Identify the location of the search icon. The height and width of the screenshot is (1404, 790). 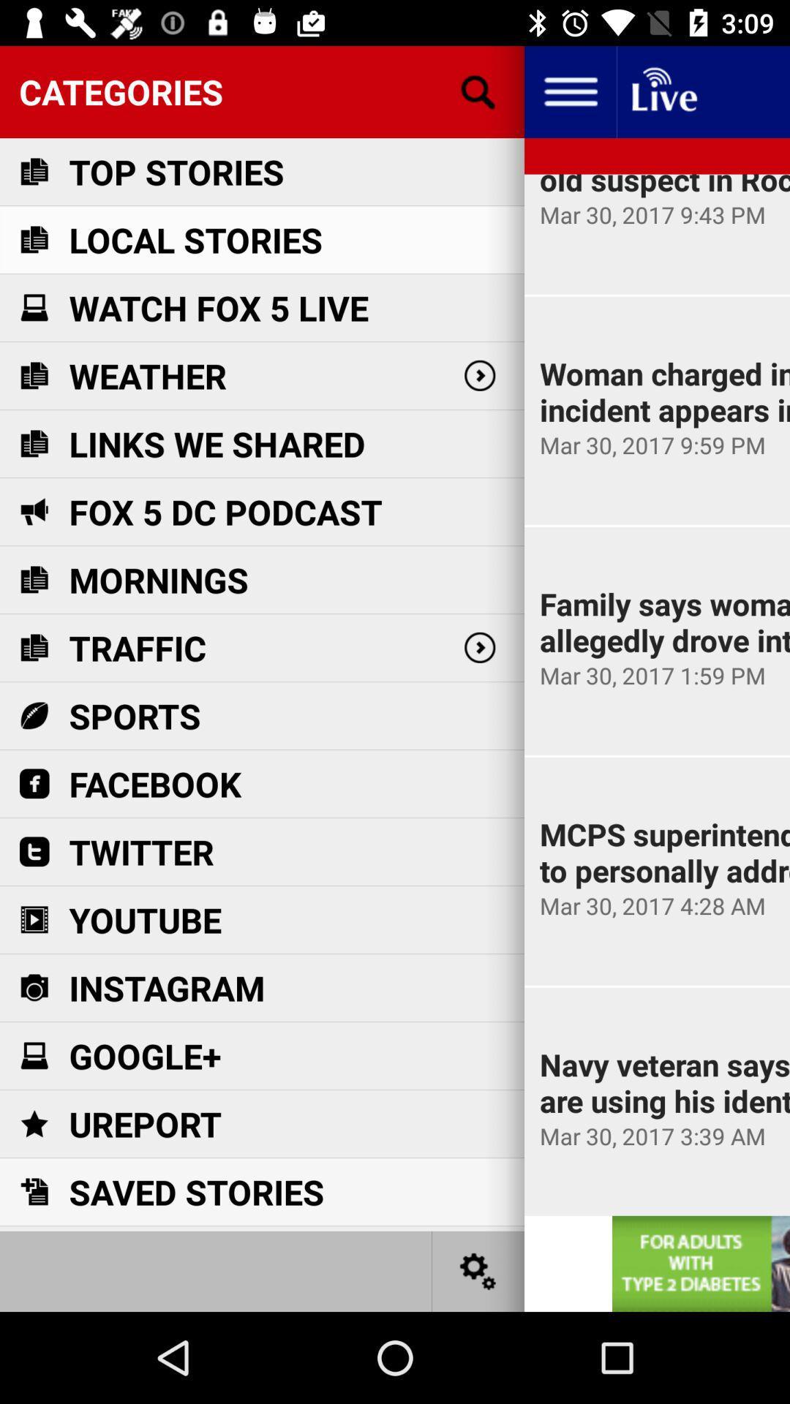
(478, 91).